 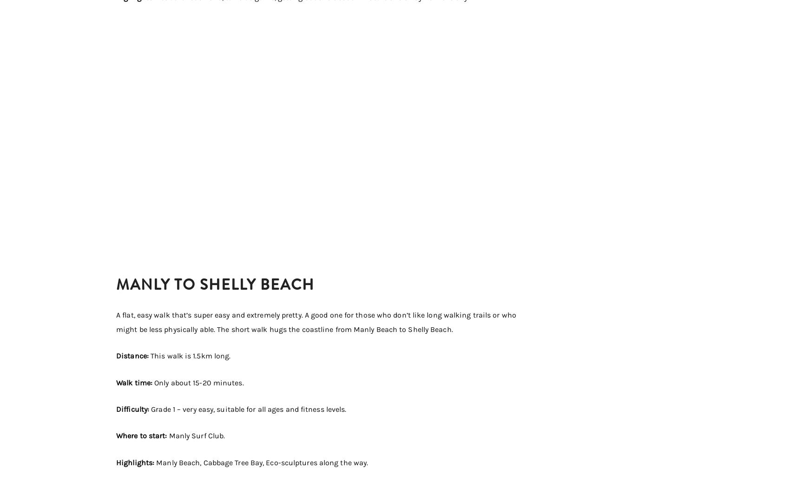 What do you see at coordinates (133, 356) in the screenshot?
I see `'Distance:'` at bounding box center [133, 356].